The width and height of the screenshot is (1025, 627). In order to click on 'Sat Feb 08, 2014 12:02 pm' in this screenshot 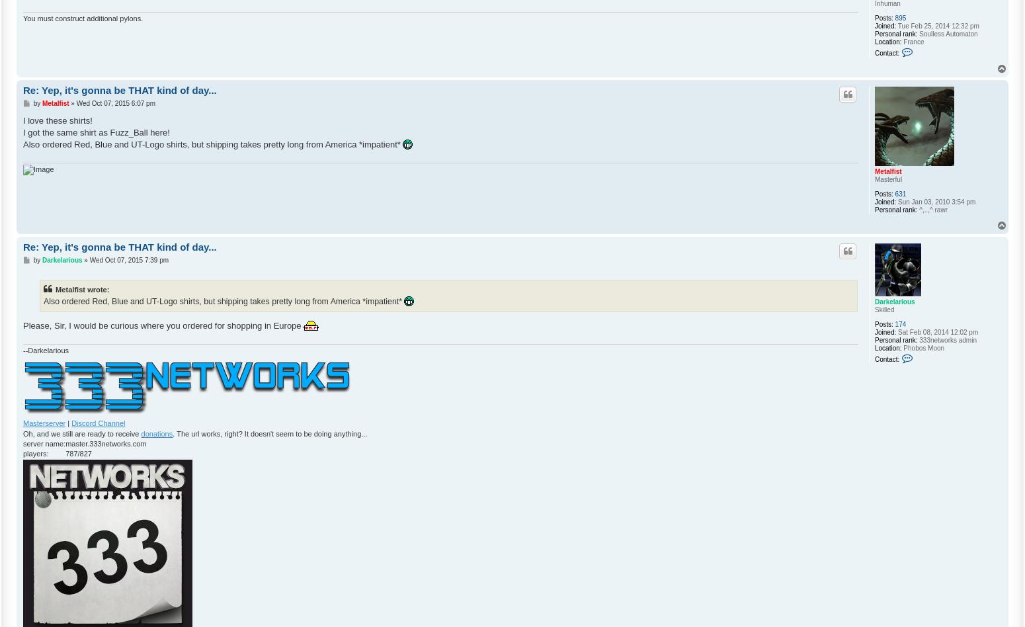, I will do `click(936, 331)`.